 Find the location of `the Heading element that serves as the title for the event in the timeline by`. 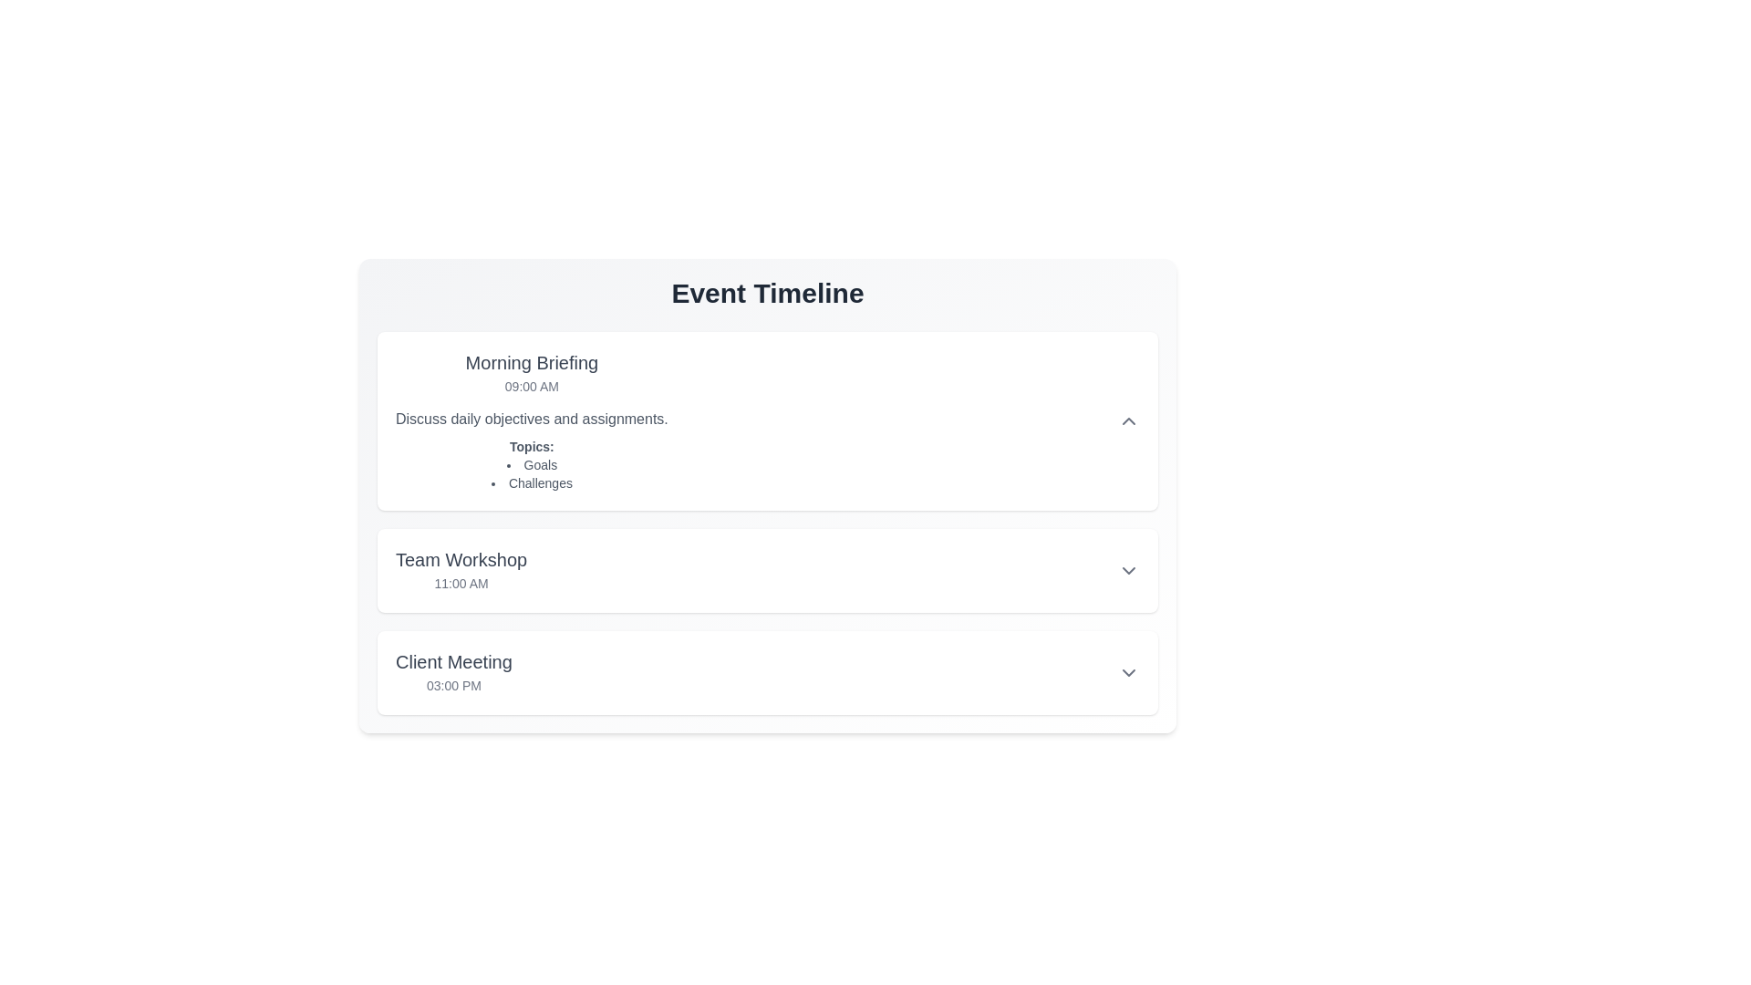

the Heading element that serves as the title for the event in the timeline by is located at coordinates (531, 362).